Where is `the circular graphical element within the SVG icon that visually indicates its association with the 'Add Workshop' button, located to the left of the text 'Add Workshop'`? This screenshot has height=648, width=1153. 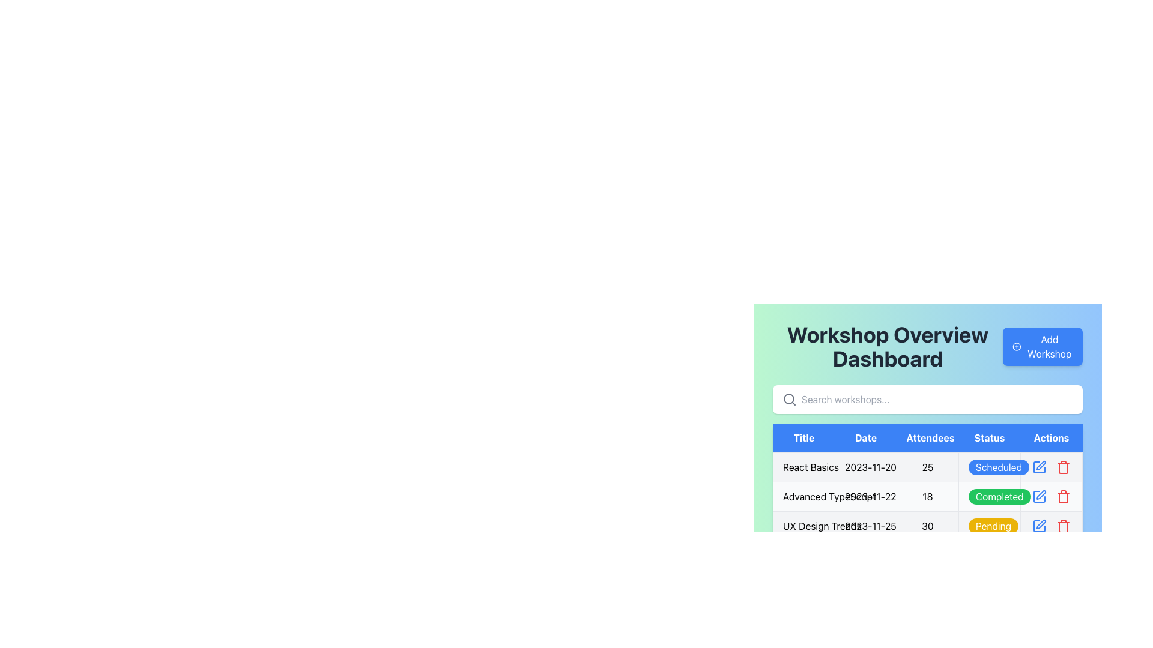 the circular graphical element within the SVG icon that visually indicates its association with the 'Add Workshop' button, located to the left of the text 'Add Workshop' is located at coordinates (1016, 347).